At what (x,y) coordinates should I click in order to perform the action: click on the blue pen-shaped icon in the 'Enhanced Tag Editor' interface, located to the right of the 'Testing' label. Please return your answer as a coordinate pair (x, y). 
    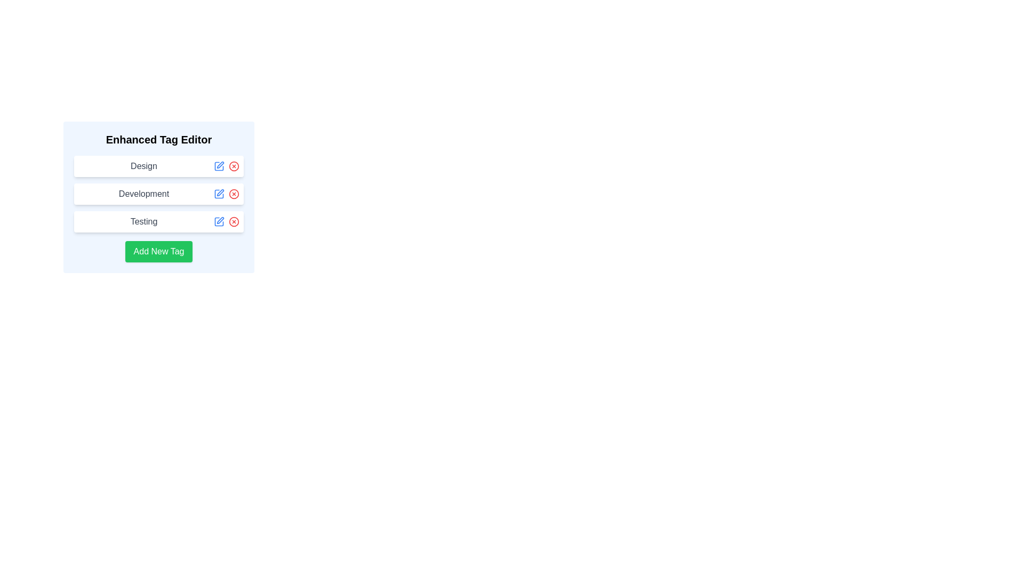
    Looking at the image, I should click on (220, 220).